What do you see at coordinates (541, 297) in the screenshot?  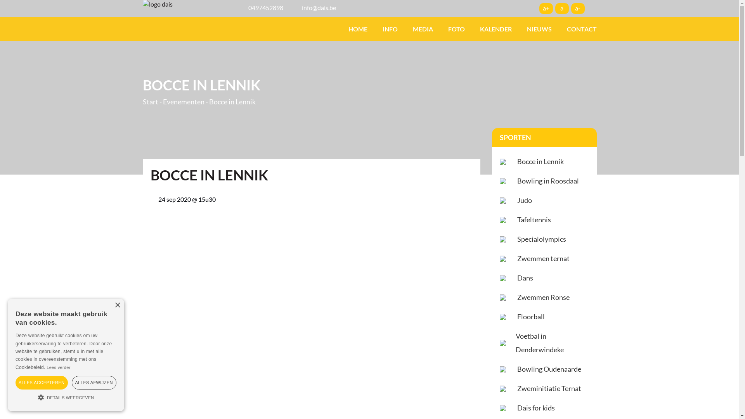 I see `'Zwemmen Ronse'` at bounding box center [541, 297].